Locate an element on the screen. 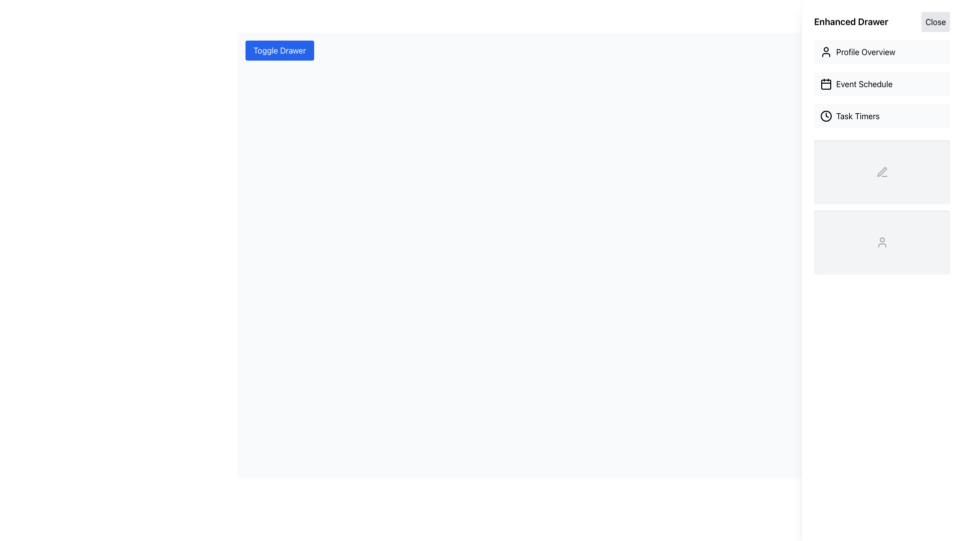  the 'Profile Overview' icon located in the right-side panel labeled 'Enhanced Drawer' is located at coordinates (826, 52).